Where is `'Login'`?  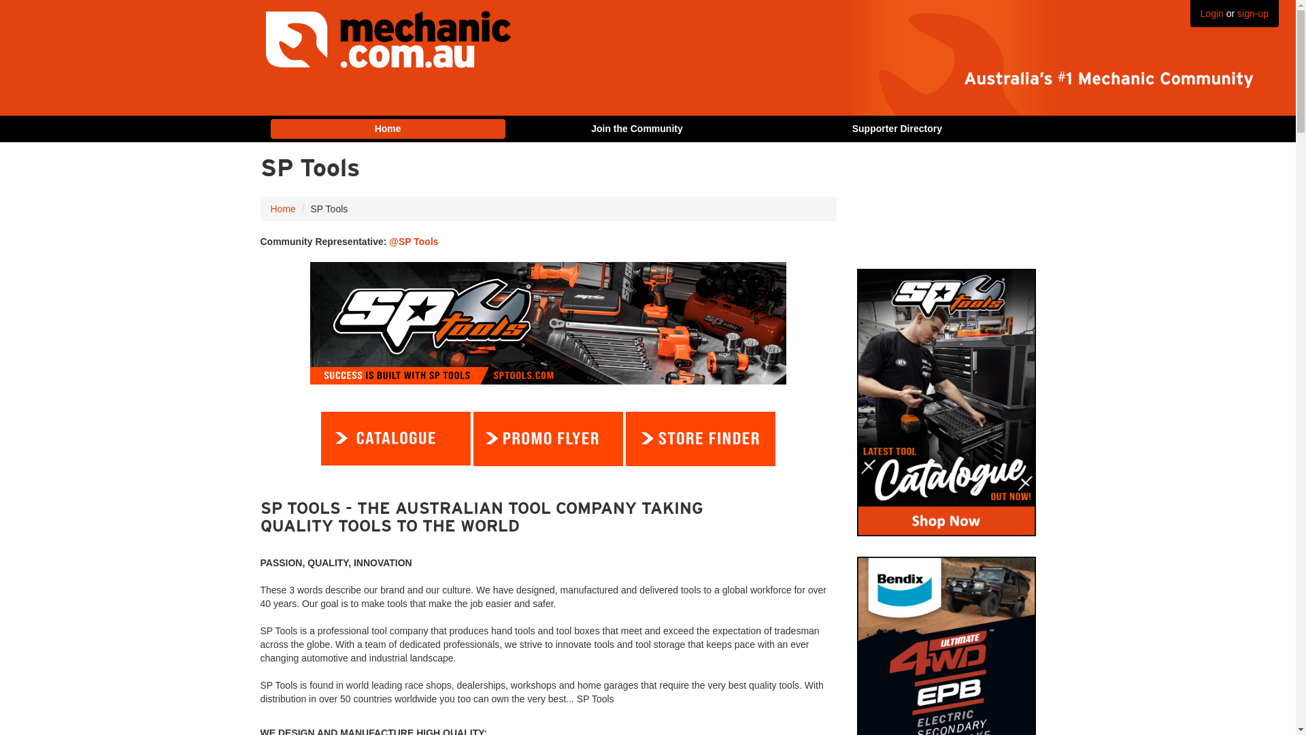 'Login' is located at coordinates (1211, 13).